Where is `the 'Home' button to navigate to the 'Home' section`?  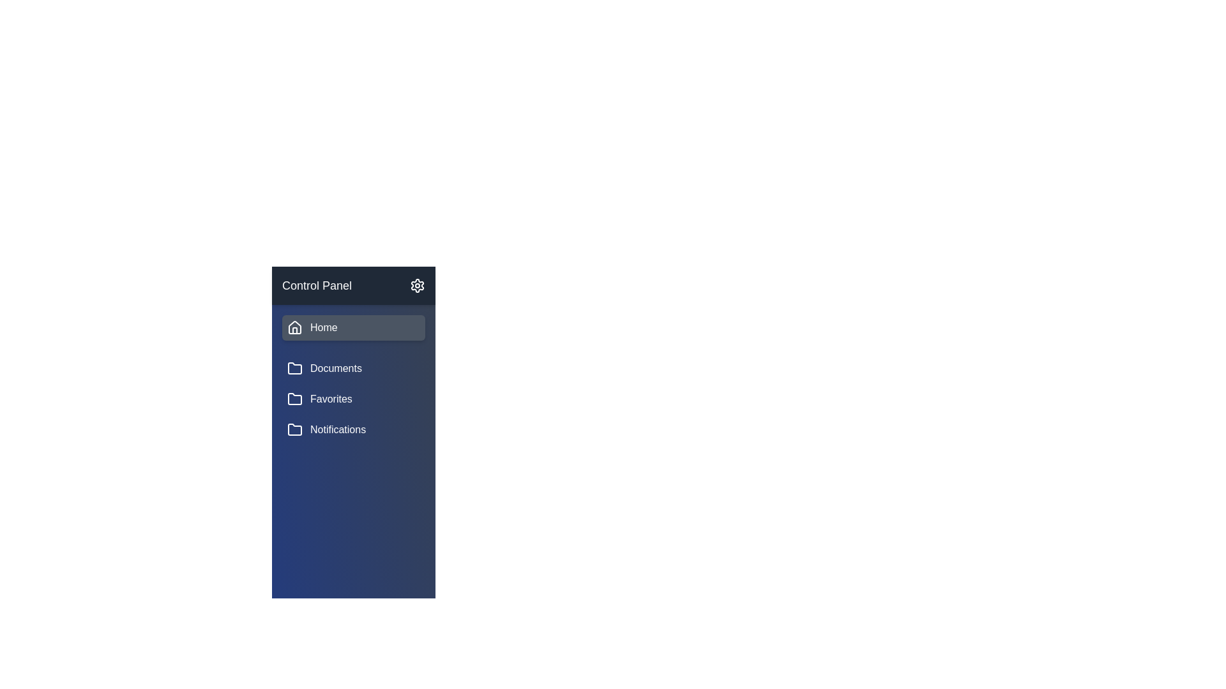
the 'Home' button to navigate to the 'Home' section is located at coordinates (353, 327).